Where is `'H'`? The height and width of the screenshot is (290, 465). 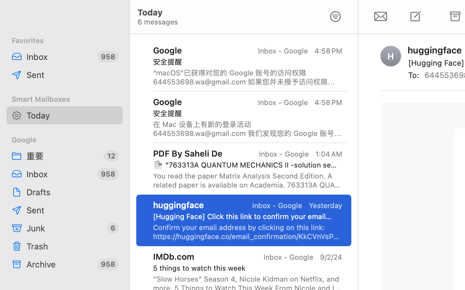
'H' is located at coordinates (390, 56).